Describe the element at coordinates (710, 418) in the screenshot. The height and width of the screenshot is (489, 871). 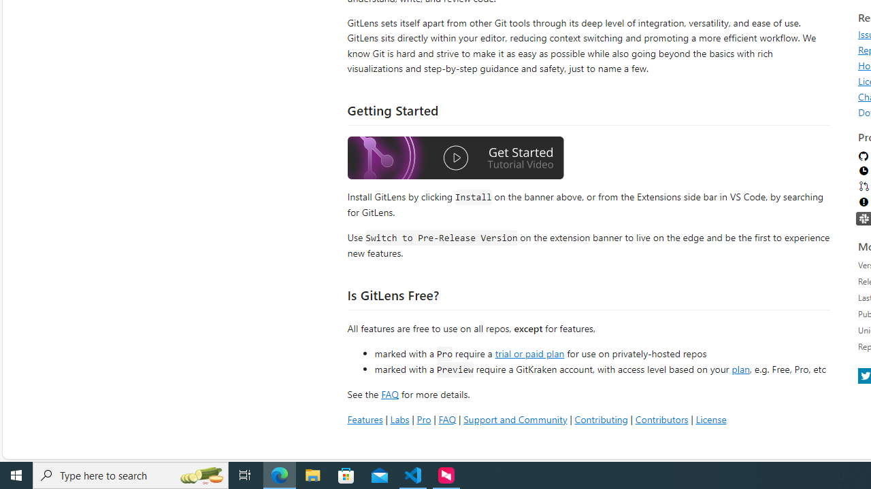
I see `'License'` at that location.